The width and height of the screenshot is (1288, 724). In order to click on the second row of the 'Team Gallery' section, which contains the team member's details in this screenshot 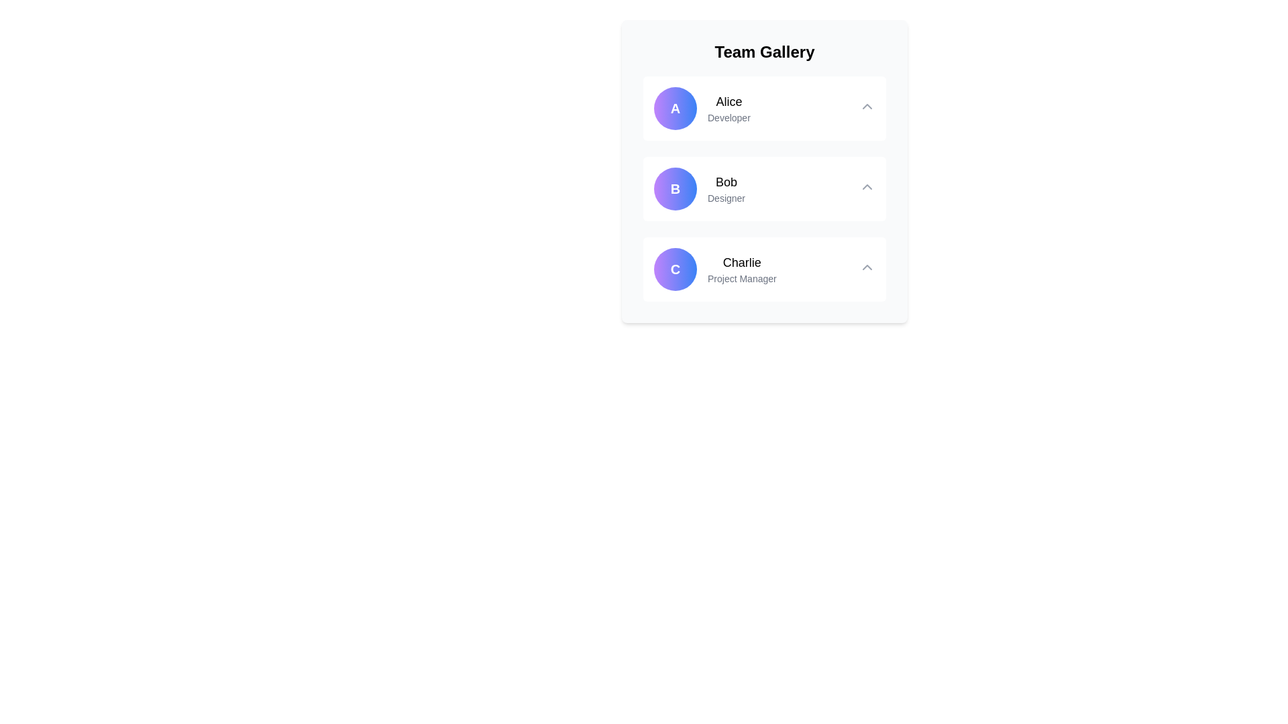, I will do `click(765, 188)`.